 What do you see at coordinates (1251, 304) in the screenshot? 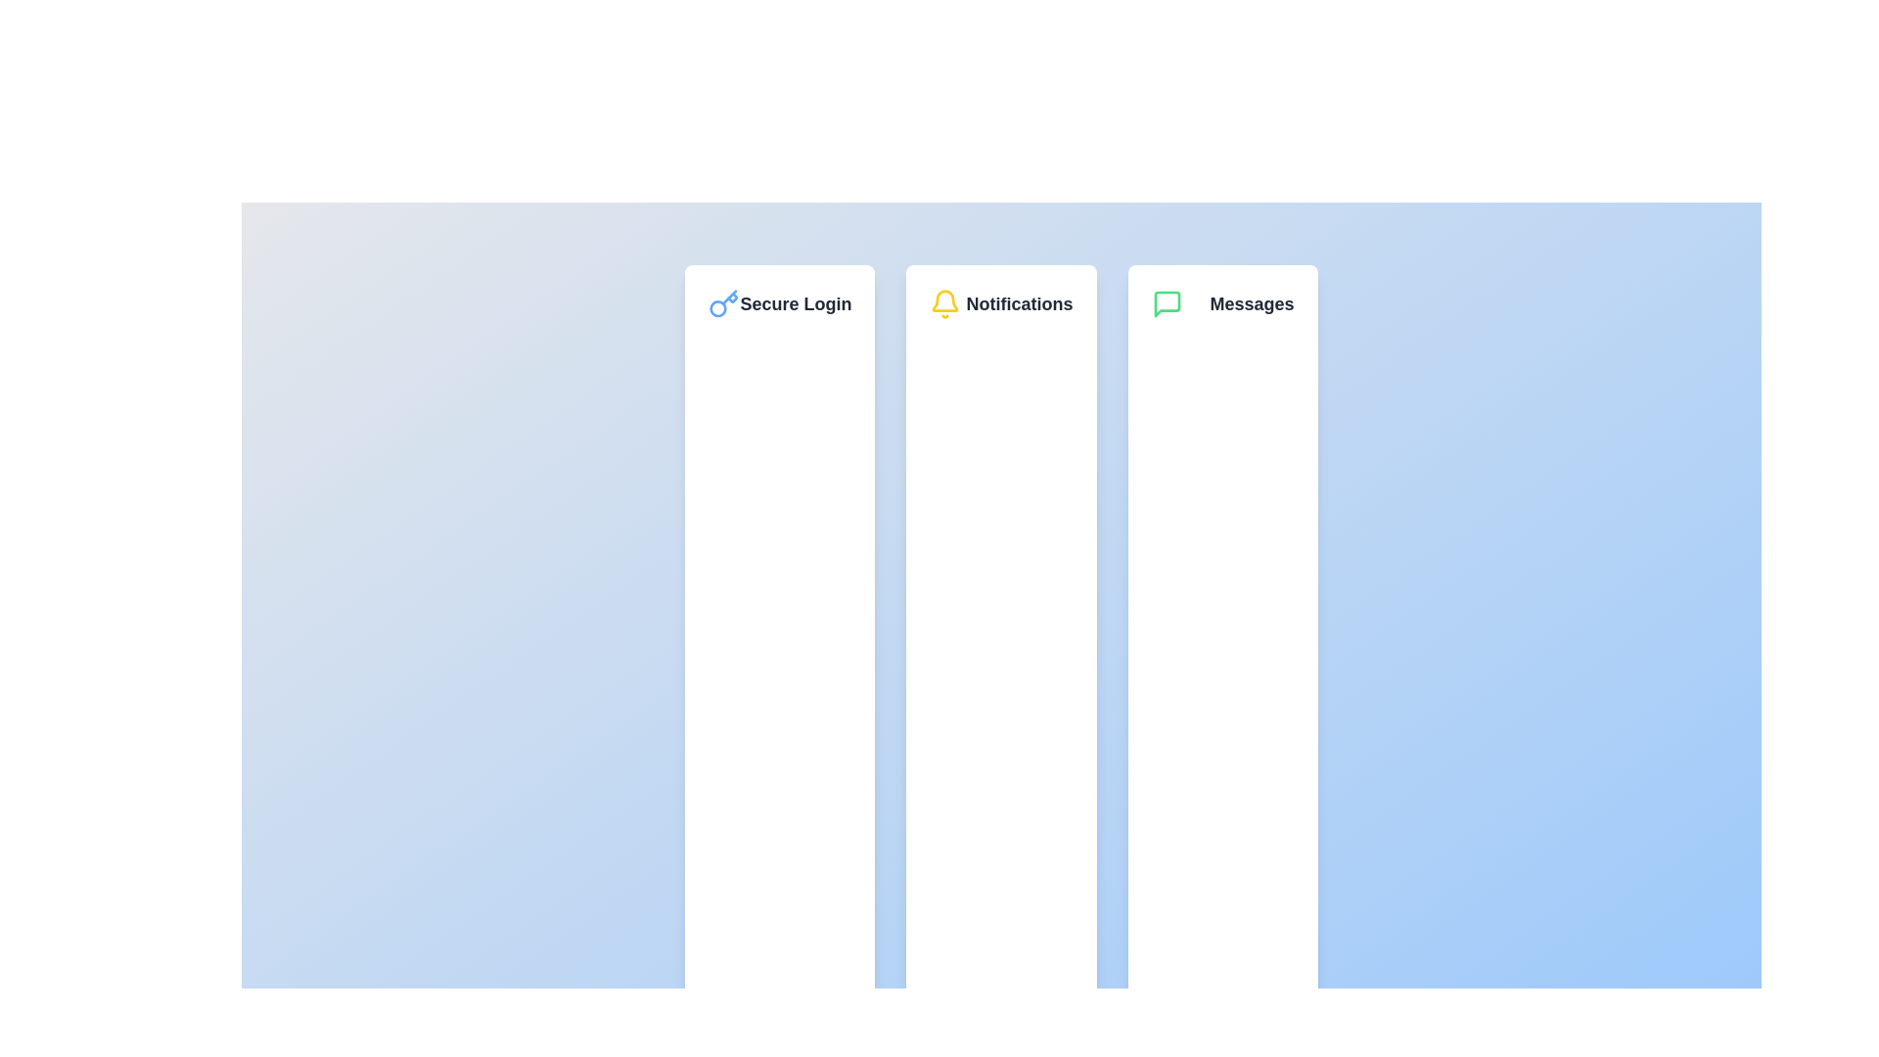
I see `the text label indicating 'Messages', which is the second element in a horizontal grouping on the right side of the interface` at bounding box center [1251, 304].